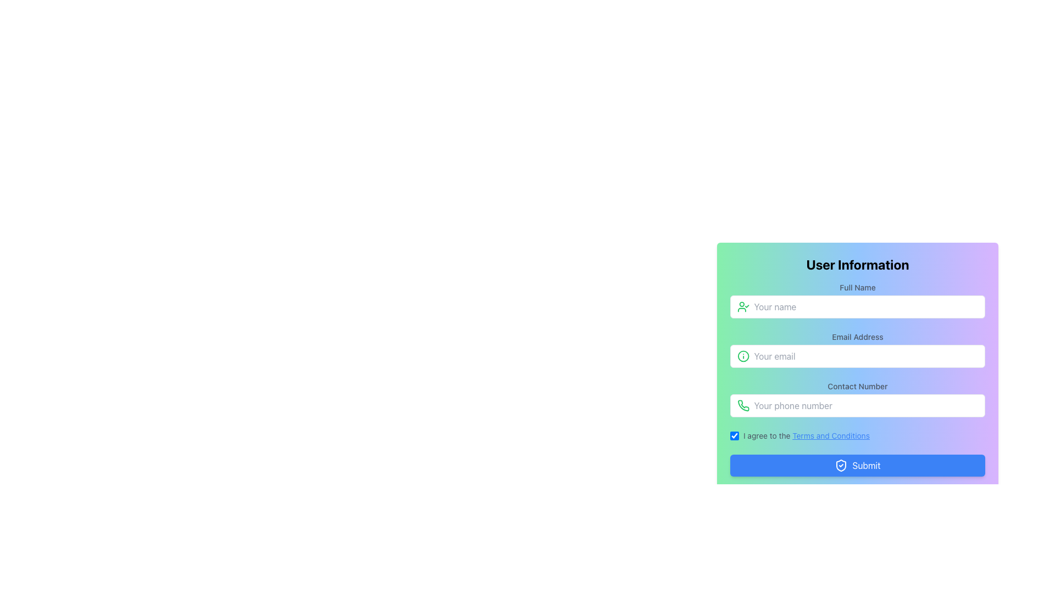 The image size is (1055, 593). Describe the element at coordinates (857, 378) in the screenshot. I see `the contact number input field` at that location.